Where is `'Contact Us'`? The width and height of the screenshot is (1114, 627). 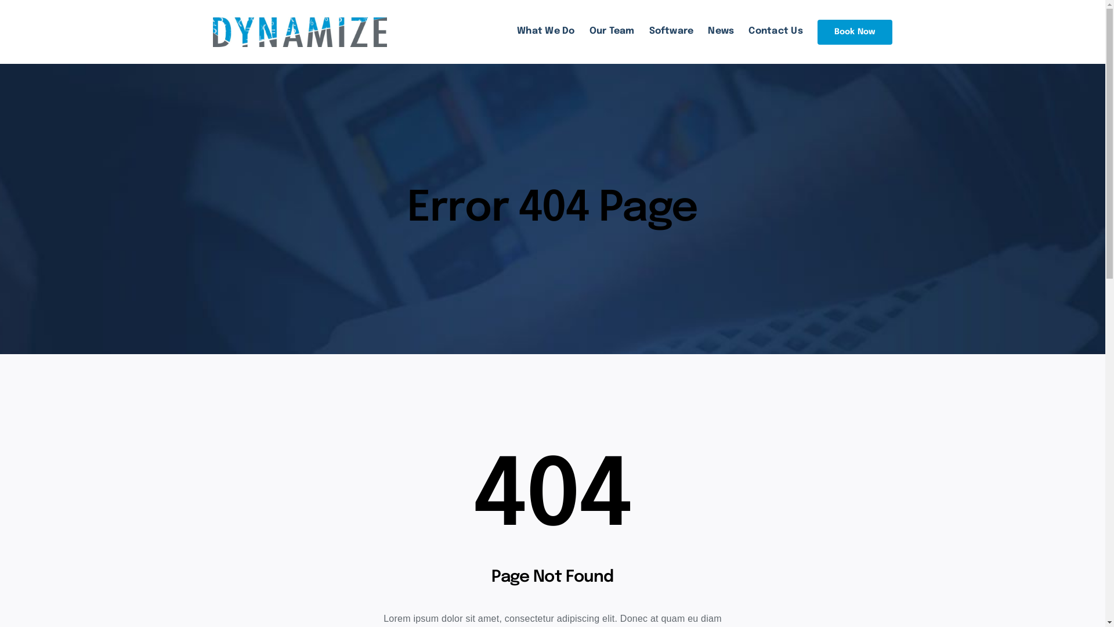
'Contact Us' is located at coordinates (775, 31).